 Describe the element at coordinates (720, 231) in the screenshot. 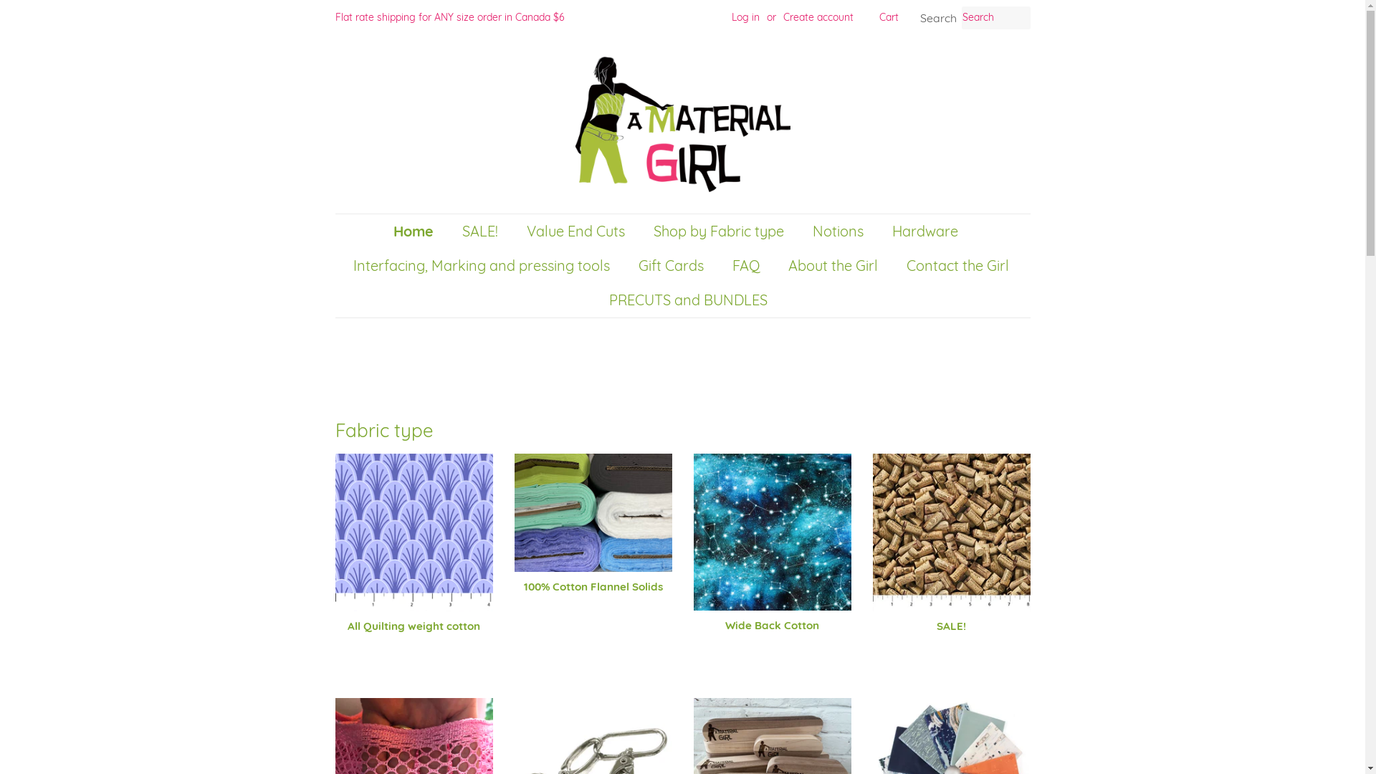

I see `'Shop by Fabric type'` at that location.